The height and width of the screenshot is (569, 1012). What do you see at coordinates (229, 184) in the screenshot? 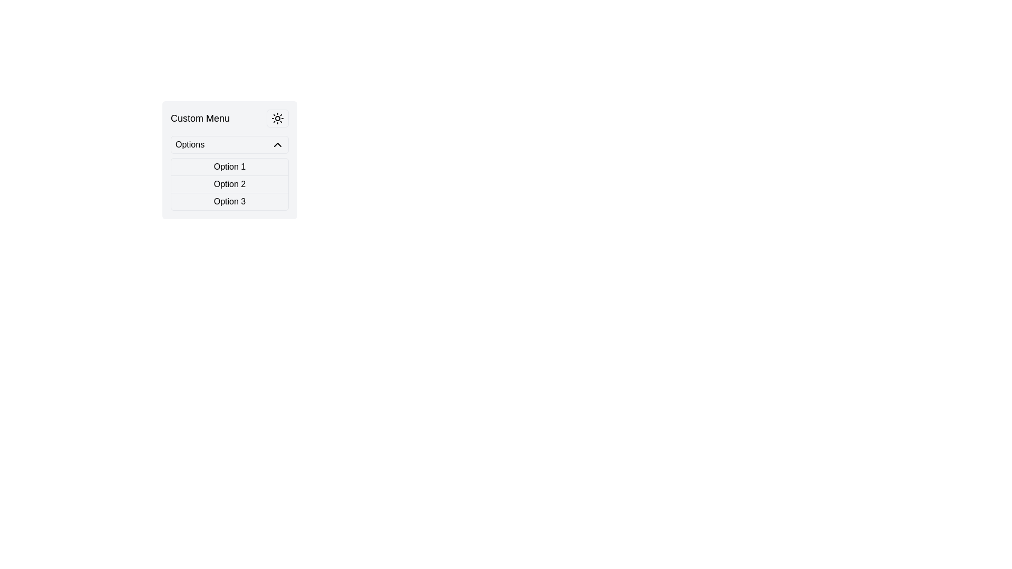
I see `the 'Option 2' menu item` at bounding box center [229, 184].